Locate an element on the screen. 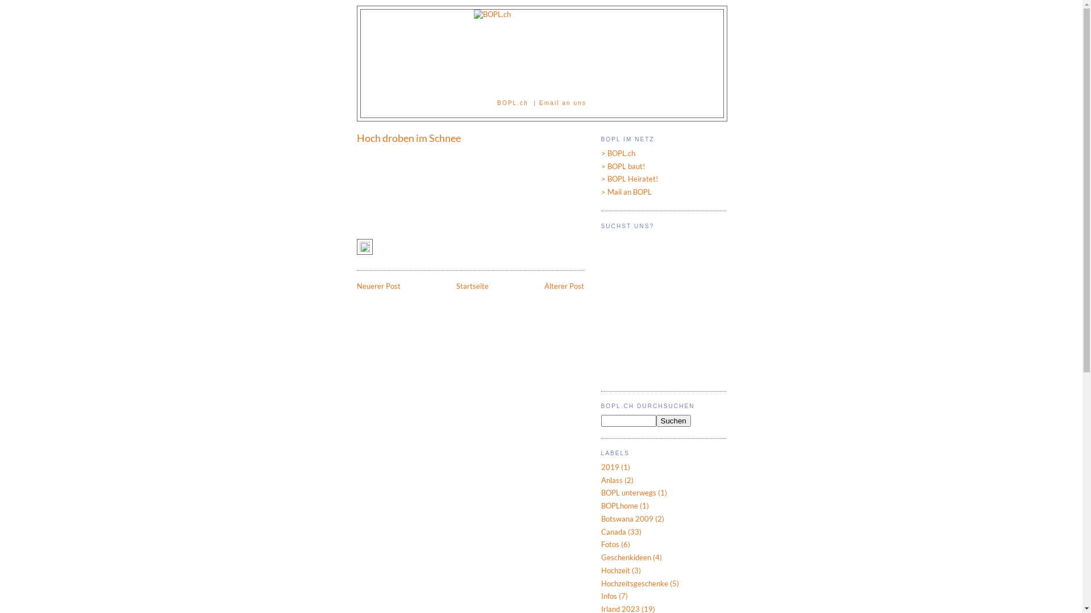 The height and width of the screenshot is (613, 1091). '> BOPL baut!' is located at coordinates (600, 166).